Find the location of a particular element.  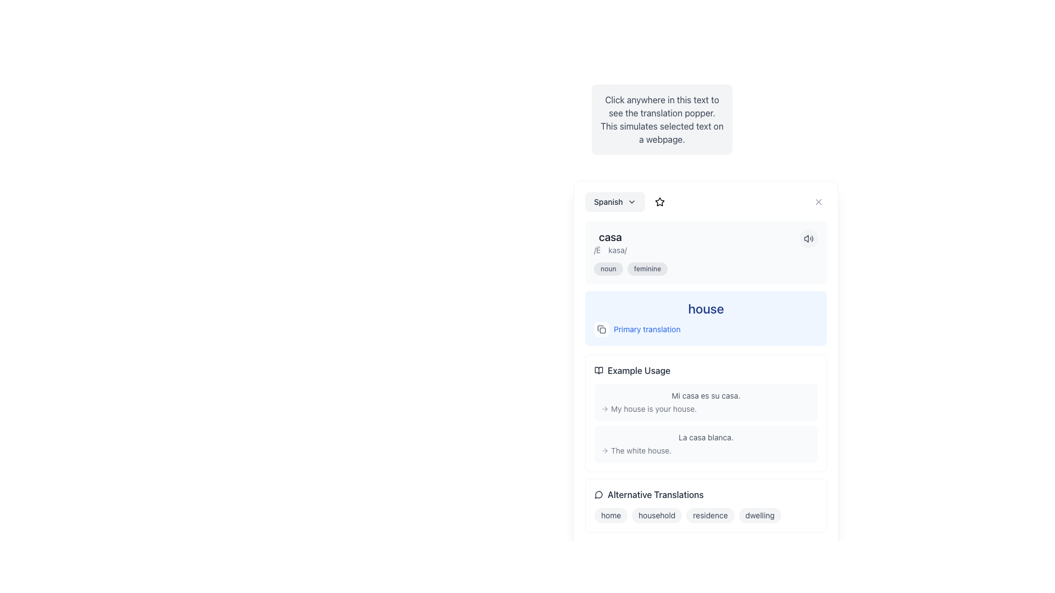

text content of the supplementary information label providing the phonetic transcription for 'casa', located directly below the word 'casa' is located at coordinates (609, 250).